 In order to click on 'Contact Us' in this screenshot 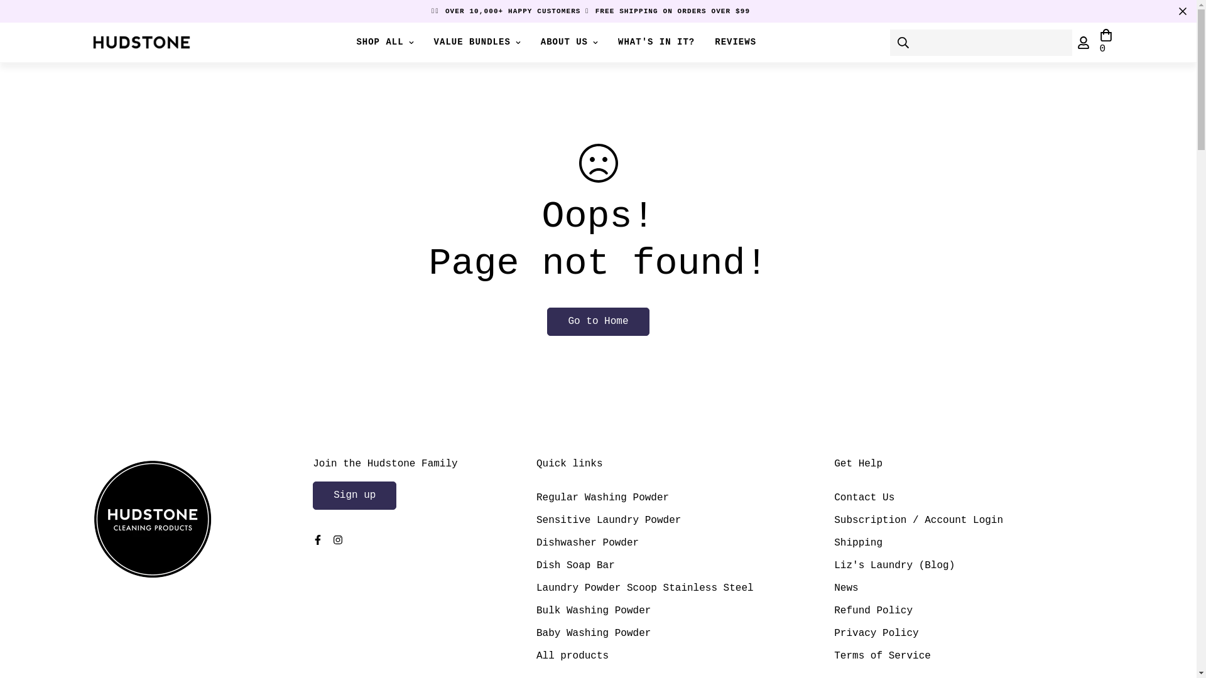, I will do `click(834, 497)`.